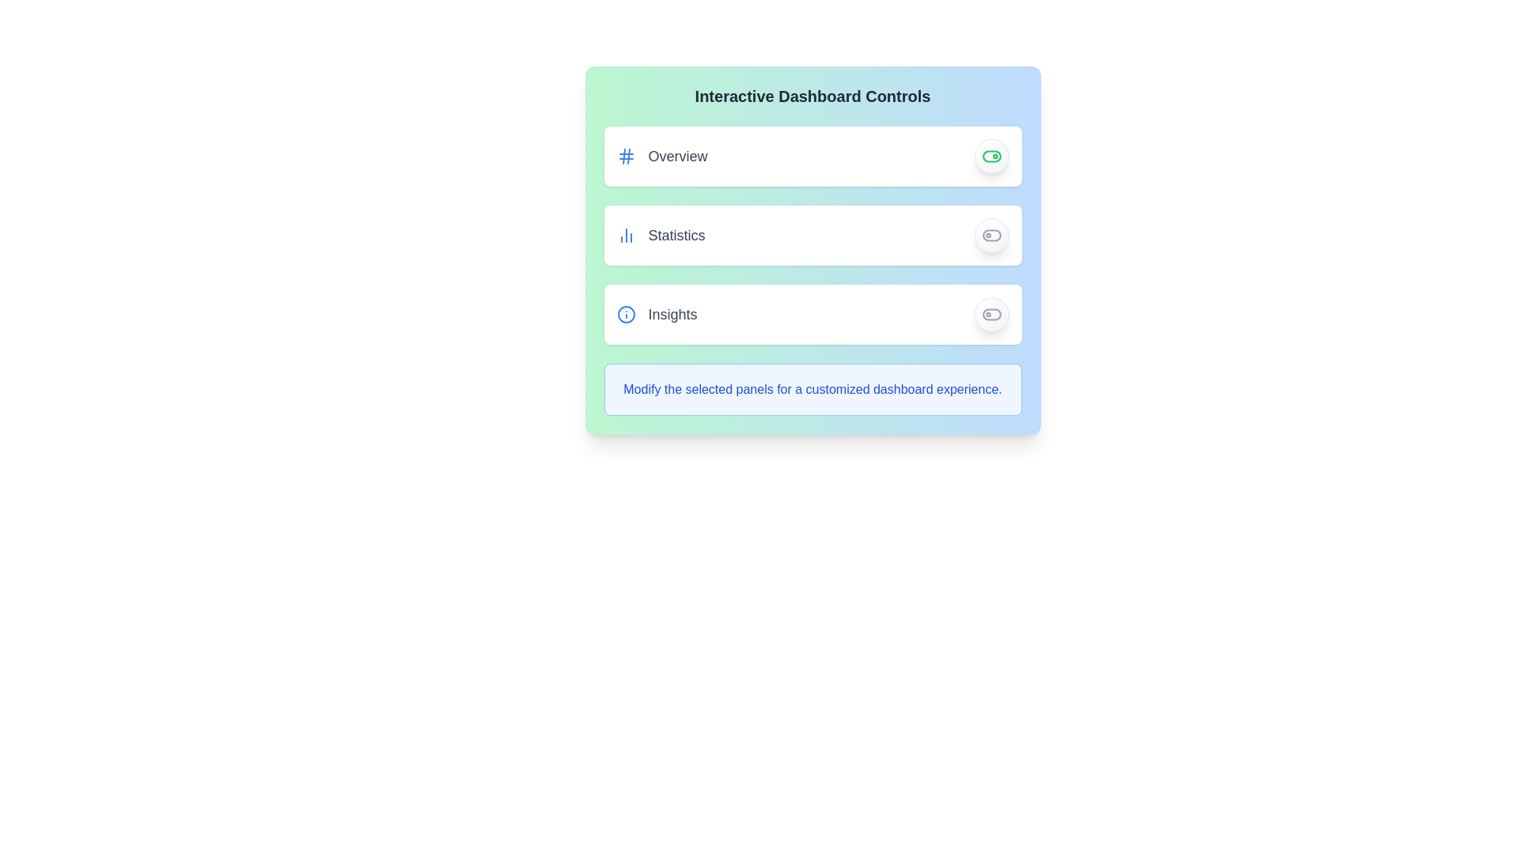 The image size is (1519, 854). I want to click on the decorative rectangular component indicating an active state within the toggle switch control located to the right of the 'Overview' option in the dashboard interface, so click(991, 156).